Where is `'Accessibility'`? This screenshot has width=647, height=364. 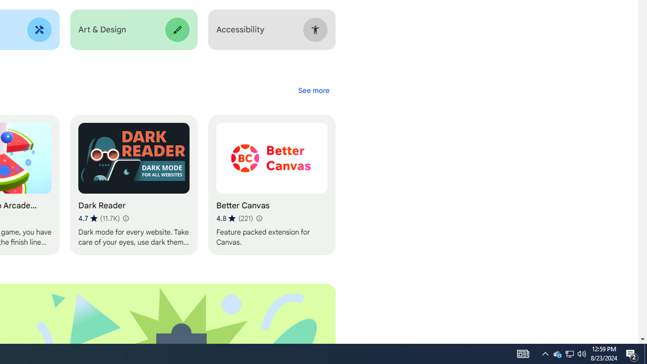
'Accessibility' is located at coordinates (271, 29).